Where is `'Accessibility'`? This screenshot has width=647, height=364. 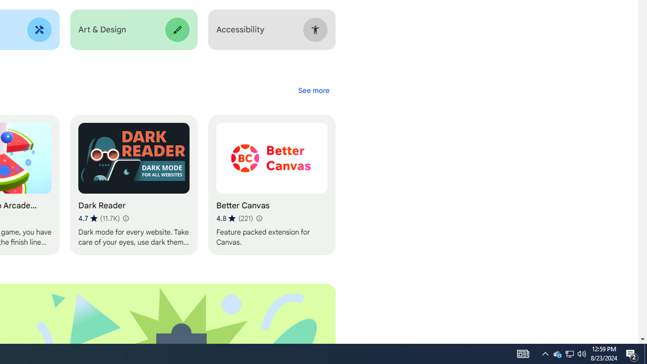
'Accessibility' is located at coordinates (271, 29).